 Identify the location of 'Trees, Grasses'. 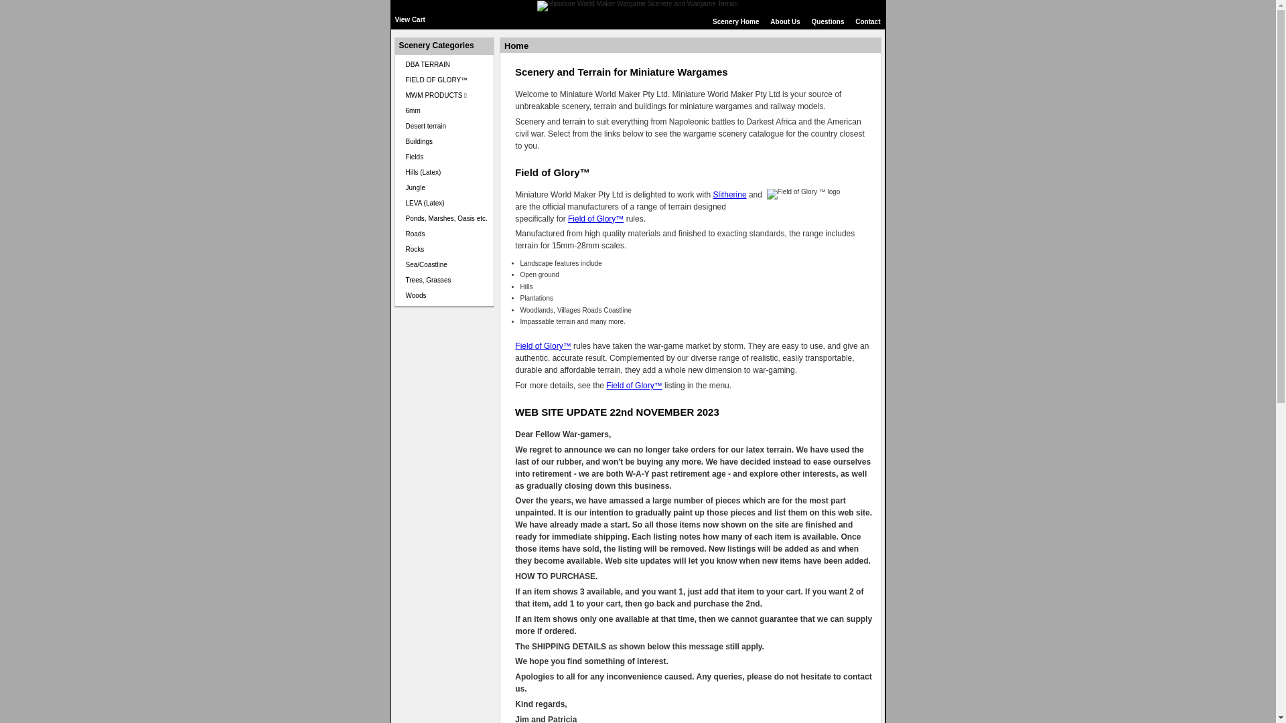
(427, 279).